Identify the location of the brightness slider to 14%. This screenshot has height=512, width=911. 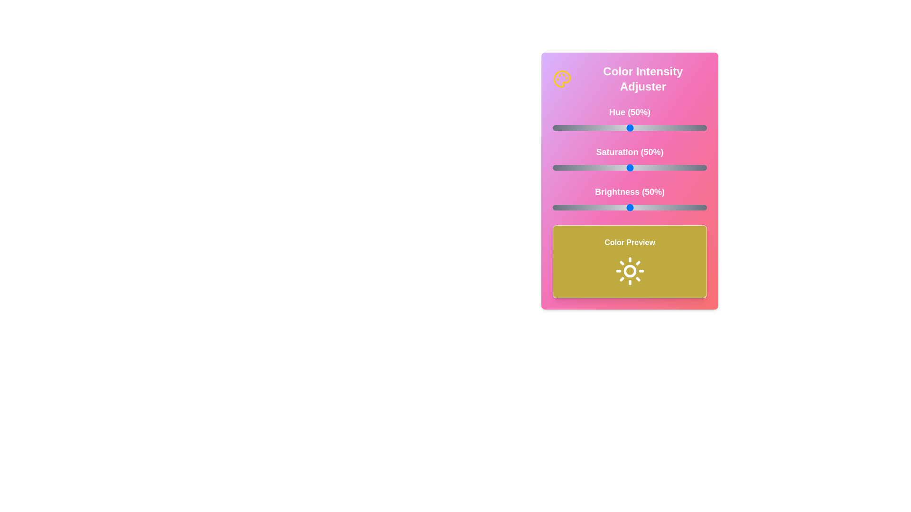
(574, 207).